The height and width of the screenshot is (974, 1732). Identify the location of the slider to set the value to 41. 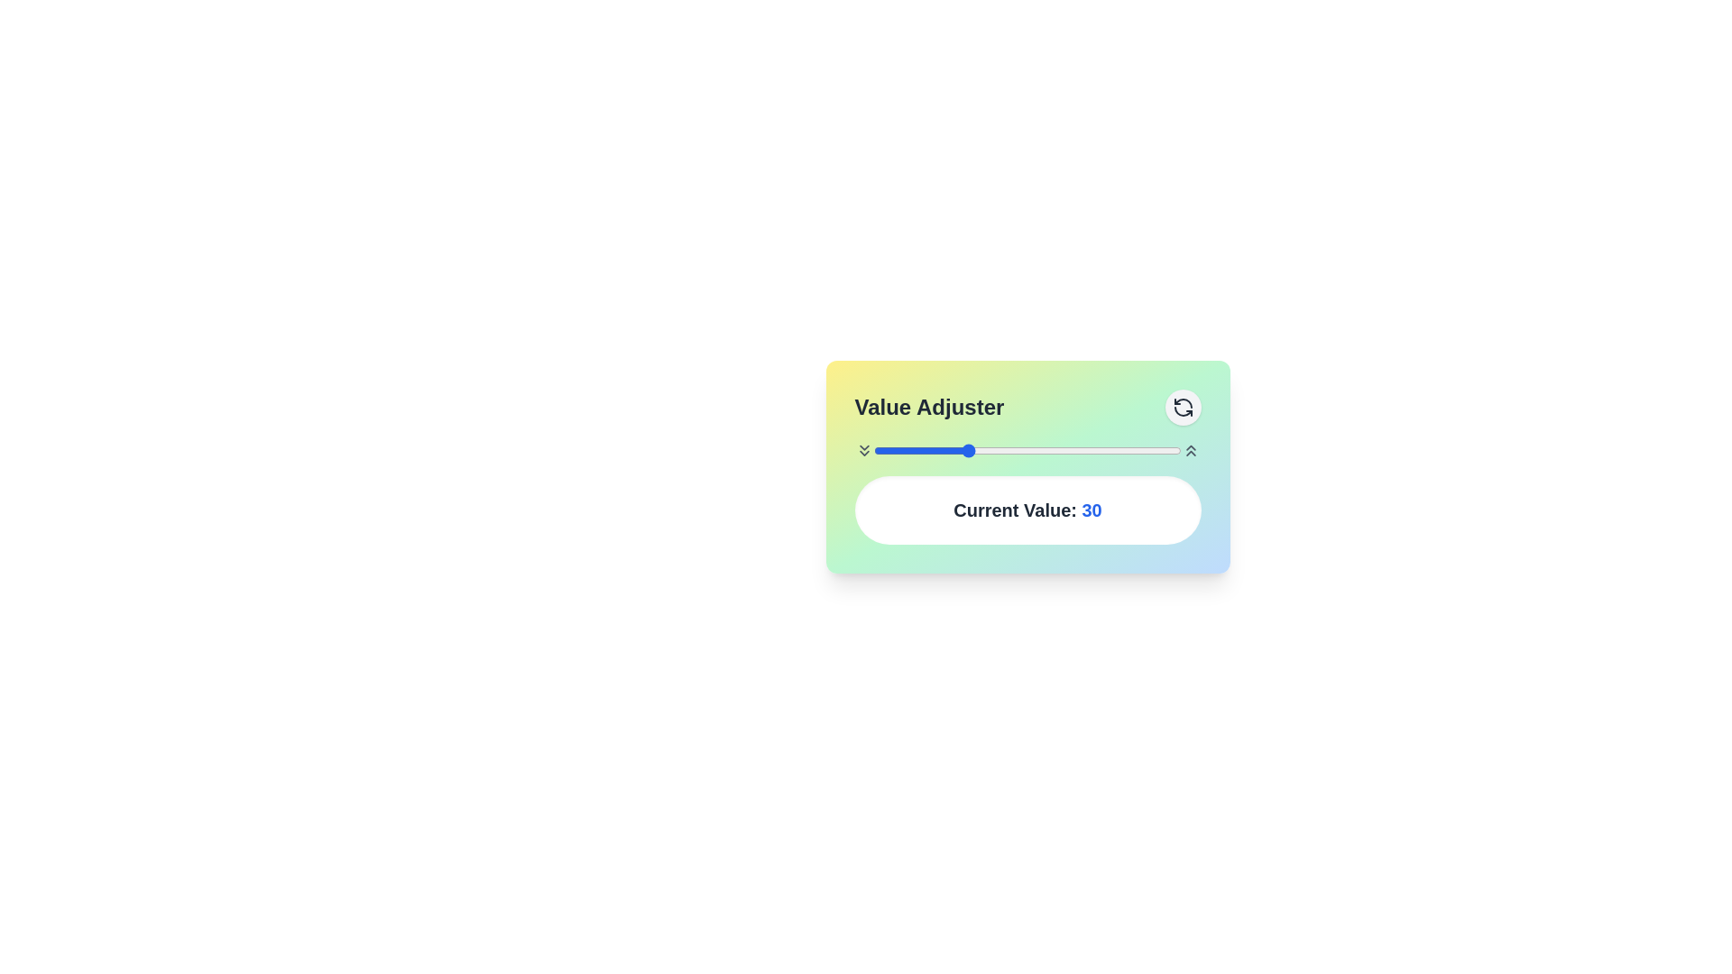
(999, 450).